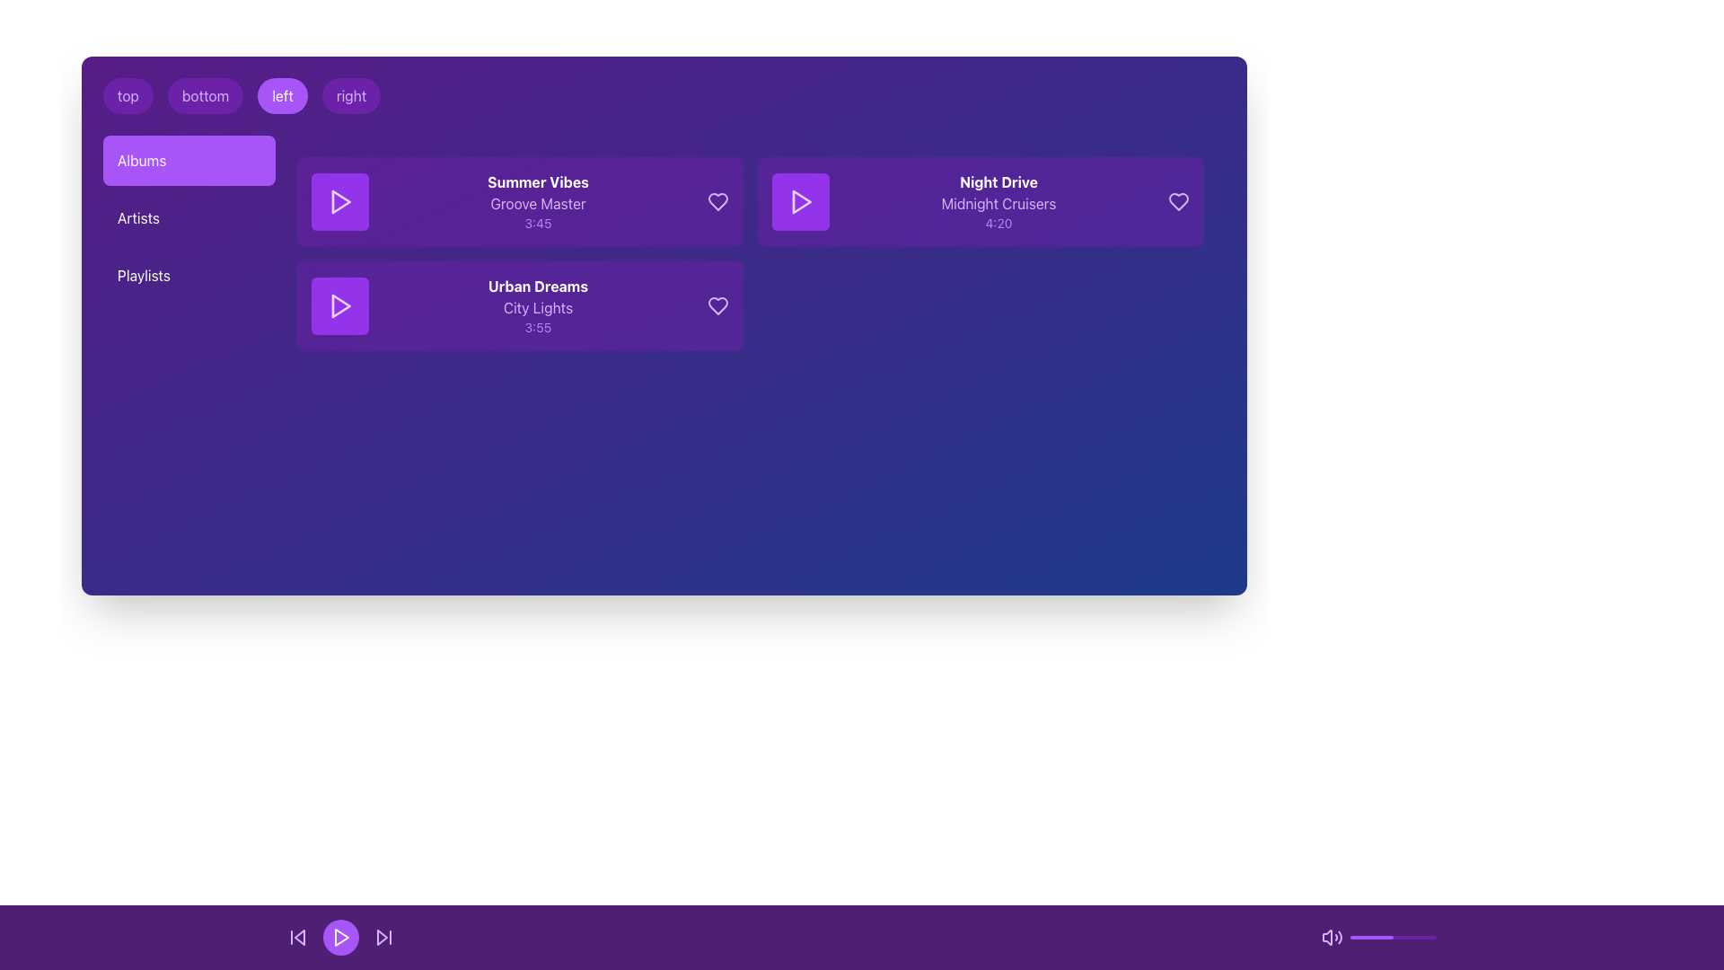  What do you see at coordinates (537, 286) in the screenshot?
I see `the text label displaying the title of the second song in the Albums section, which is positioned above 'City Lights' and to the right of the play button` at bounding box center [537, 286].